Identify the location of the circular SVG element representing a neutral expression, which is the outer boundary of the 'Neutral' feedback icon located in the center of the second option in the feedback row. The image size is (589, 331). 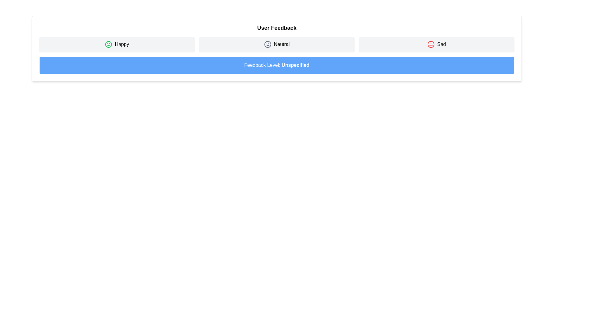
(268, 44).